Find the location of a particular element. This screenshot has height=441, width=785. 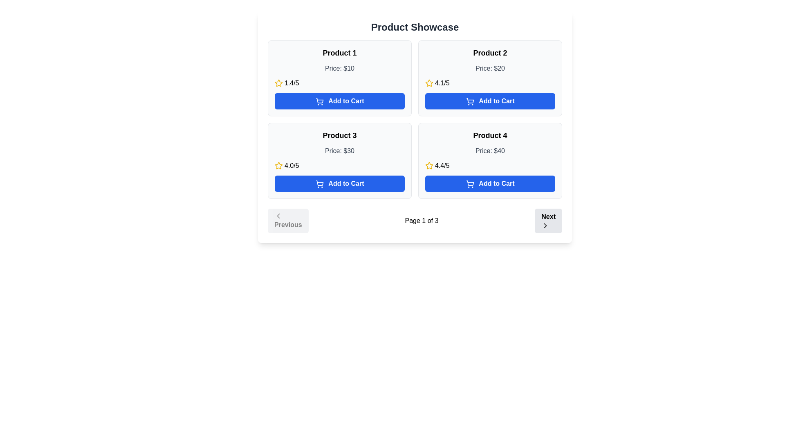

the star icon representing the rating for 'Product 4', located to the left of the rating text '4.4/5' is located at coordinates (429, 165).